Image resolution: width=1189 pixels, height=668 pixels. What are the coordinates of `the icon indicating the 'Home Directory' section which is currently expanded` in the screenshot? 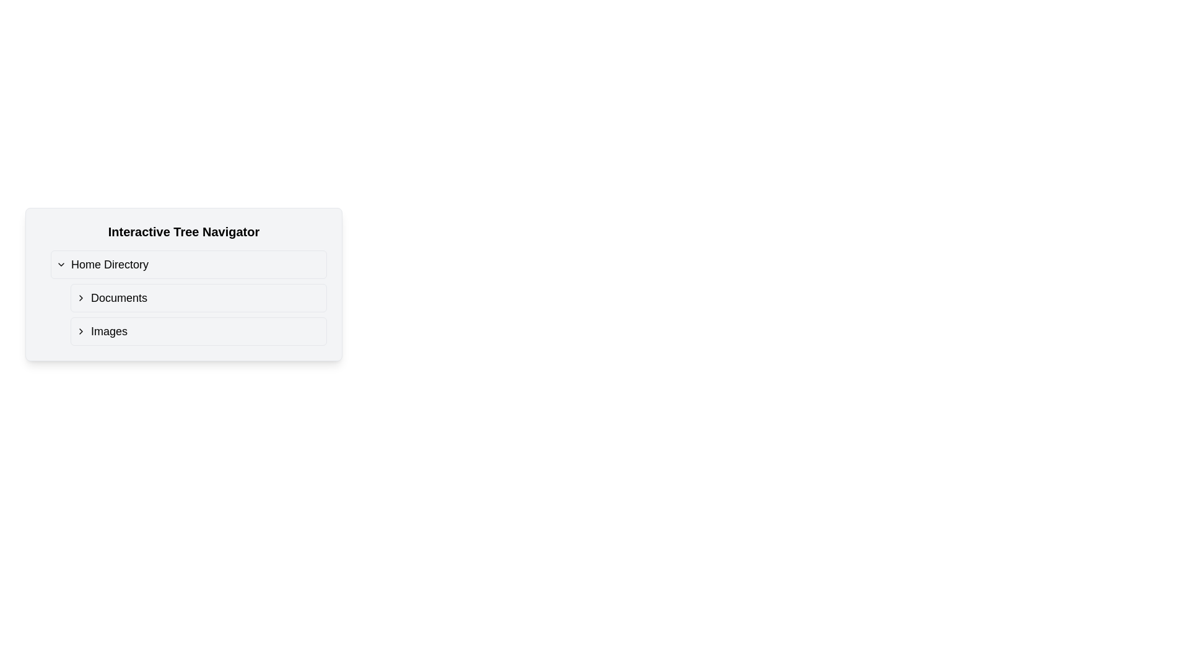 It's located at (61, 264).